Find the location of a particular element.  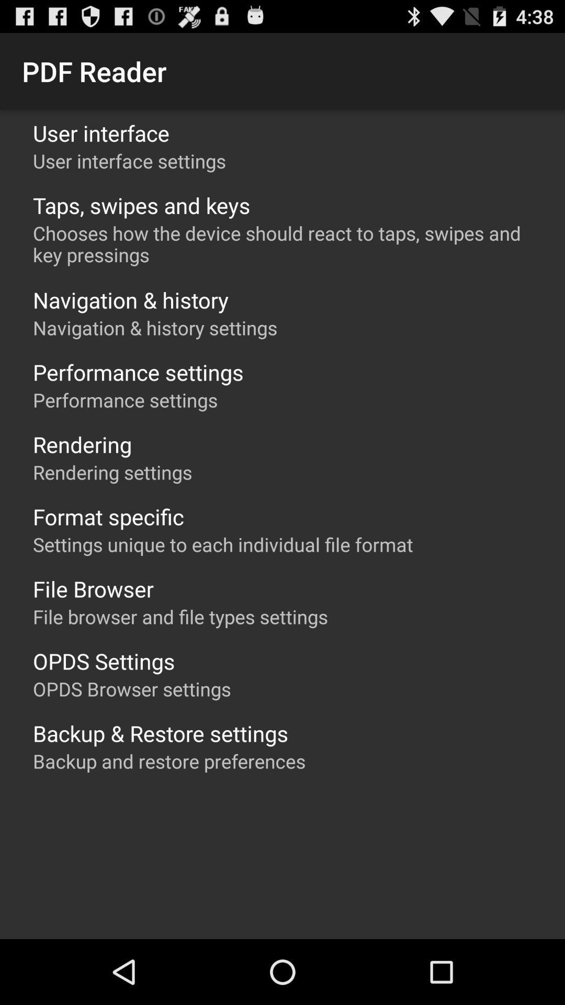

settings unique to item is located at coordinates (222, 544).